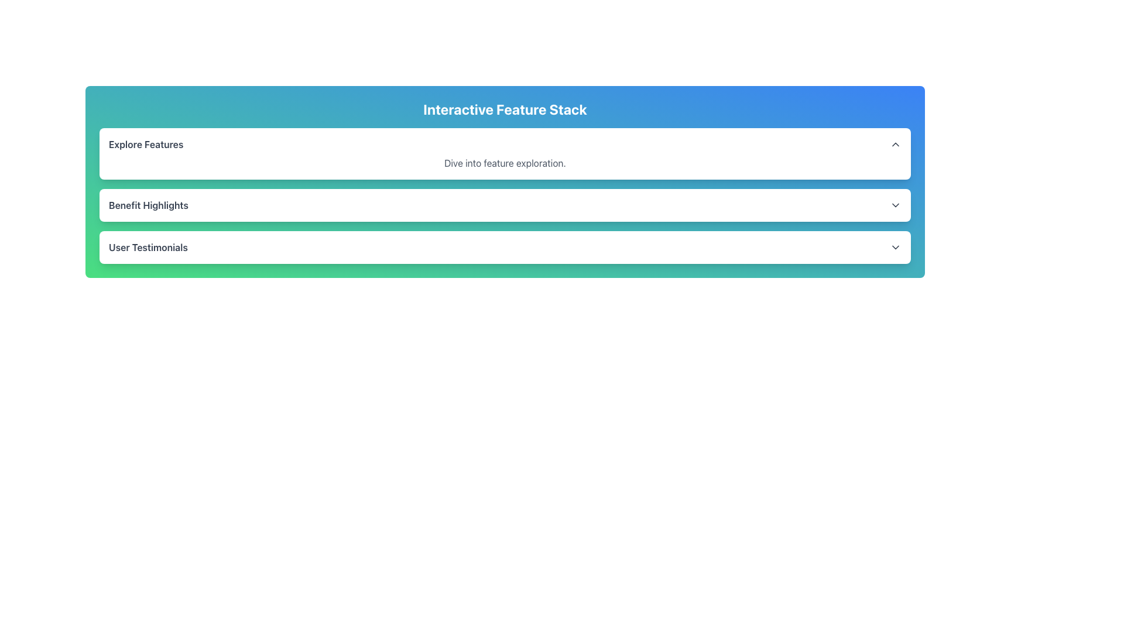  What do you see at coordinates (895, 247) in the screenshot?
I see `the downward chevron icon located on the right side of 'User Testimonials' to interact with the dropdown` at bounding box center [895, 247].